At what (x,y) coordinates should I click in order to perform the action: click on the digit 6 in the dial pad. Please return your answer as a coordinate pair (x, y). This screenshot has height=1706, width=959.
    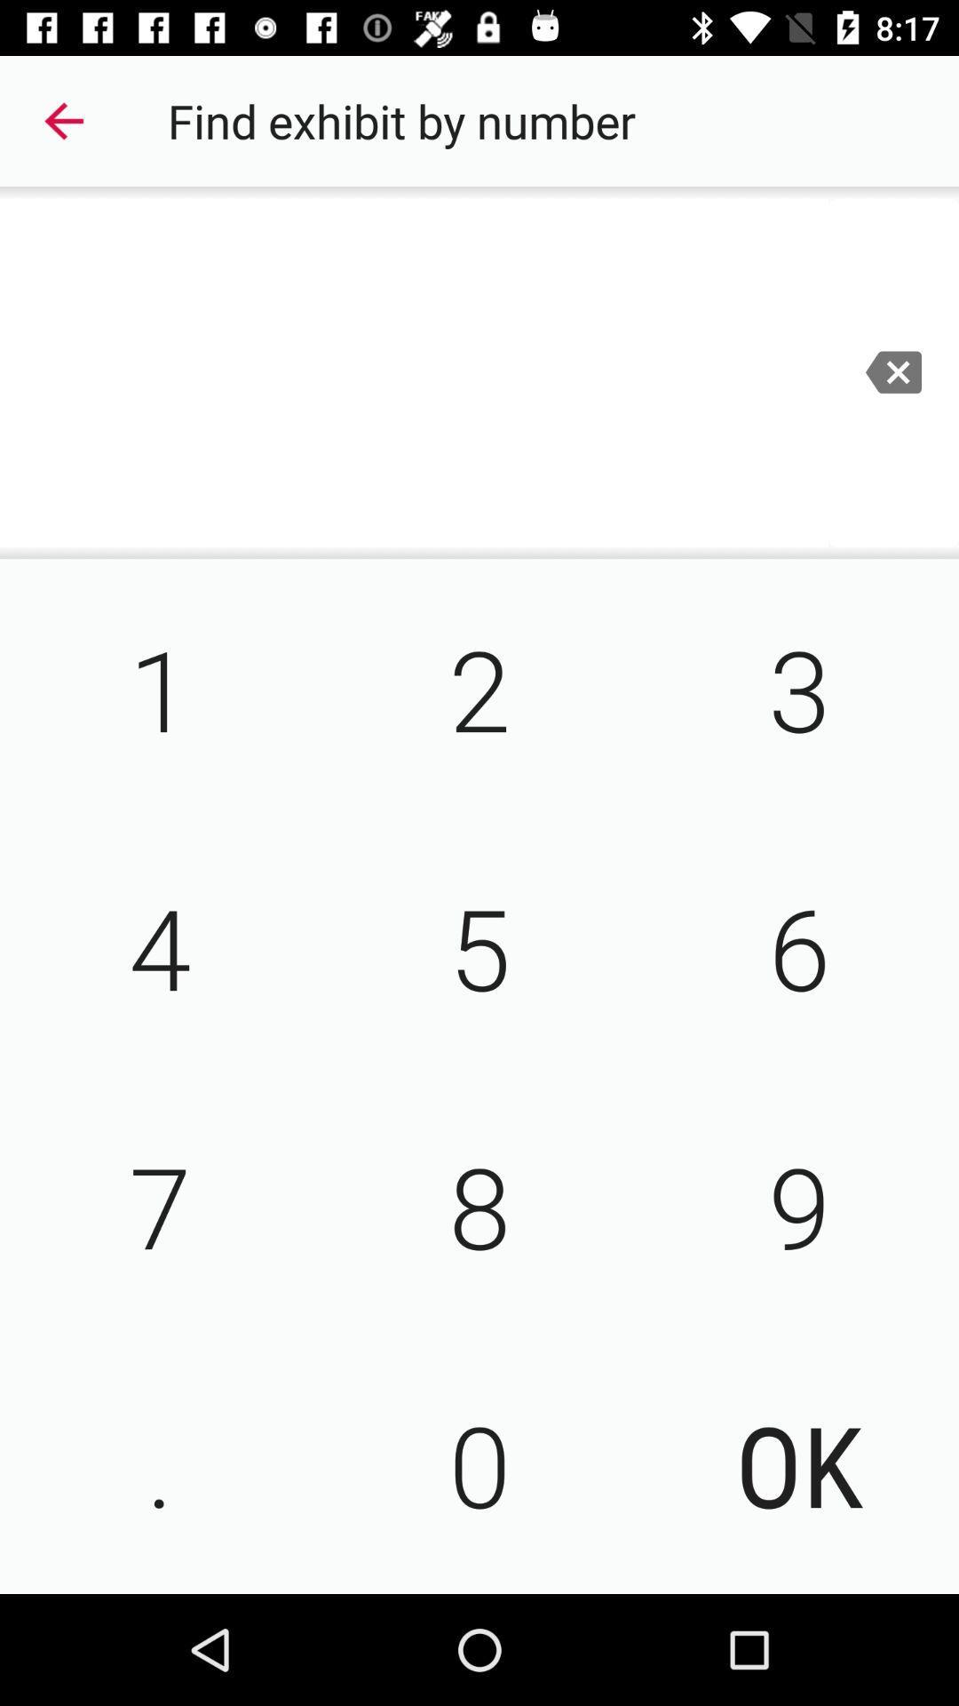
    Looking at the image, I should click on (797, 945).